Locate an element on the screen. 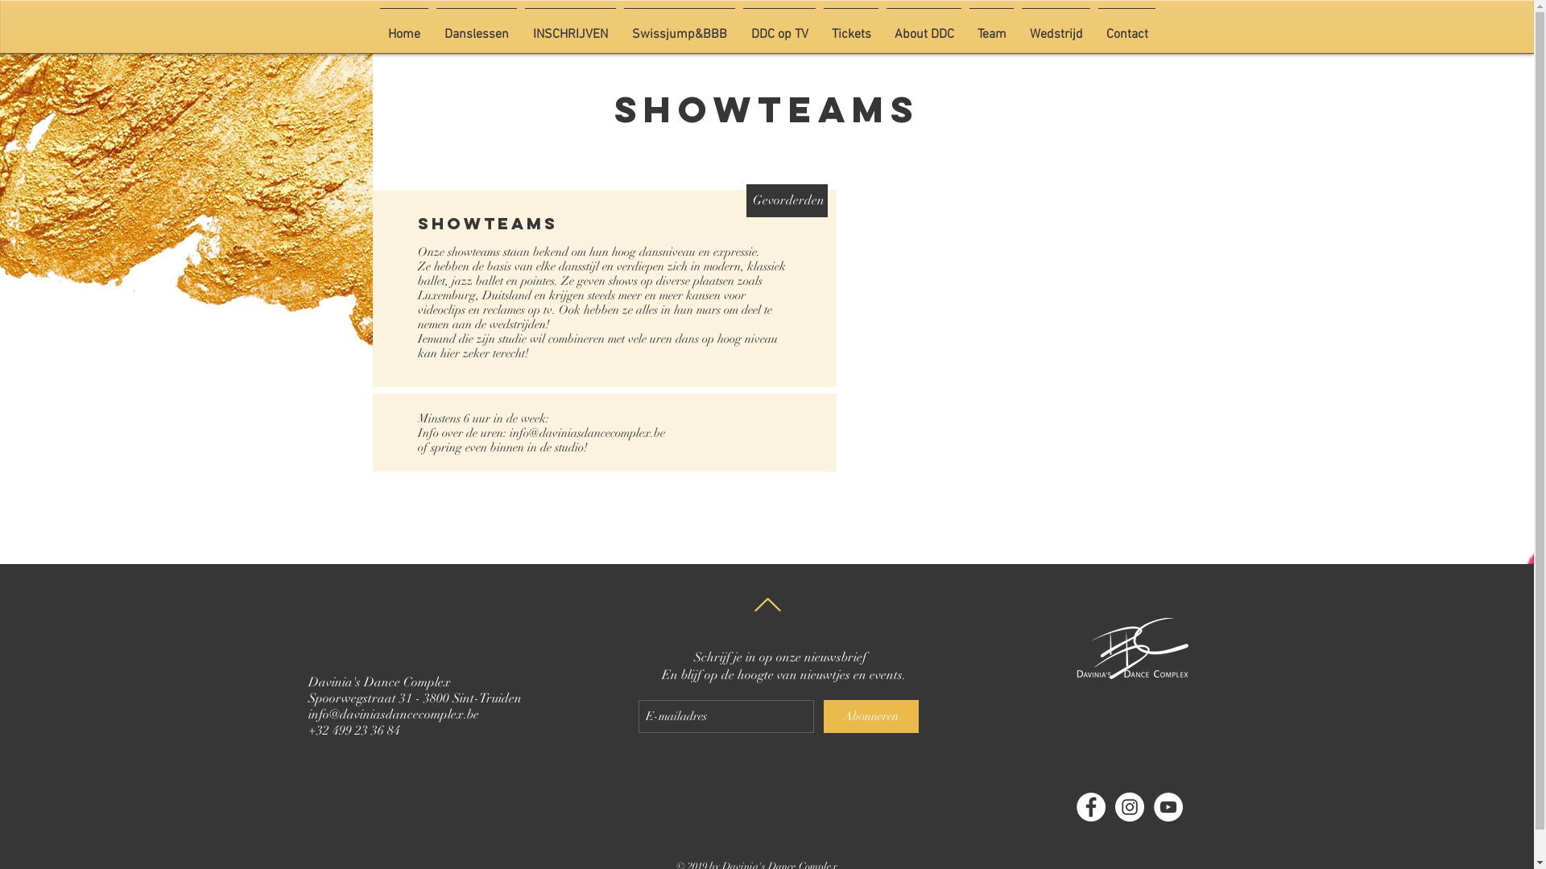  'Contact' is located at coordinates (1126, 27).